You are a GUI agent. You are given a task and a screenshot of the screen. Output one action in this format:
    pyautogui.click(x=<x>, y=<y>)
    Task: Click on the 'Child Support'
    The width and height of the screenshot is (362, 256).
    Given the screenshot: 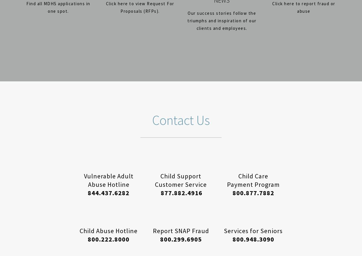 What is the action you would take?
    pyautogui.click(x=180, y=176)
    